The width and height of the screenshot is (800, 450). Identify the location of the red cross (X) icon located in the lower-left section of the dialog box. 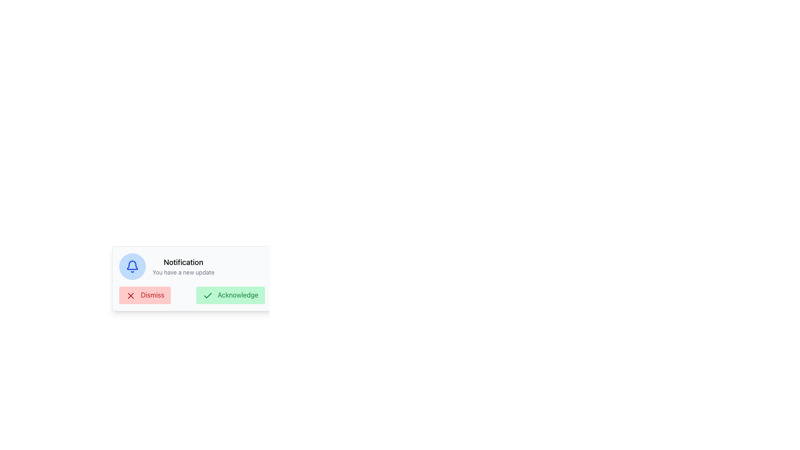
(130, 295).